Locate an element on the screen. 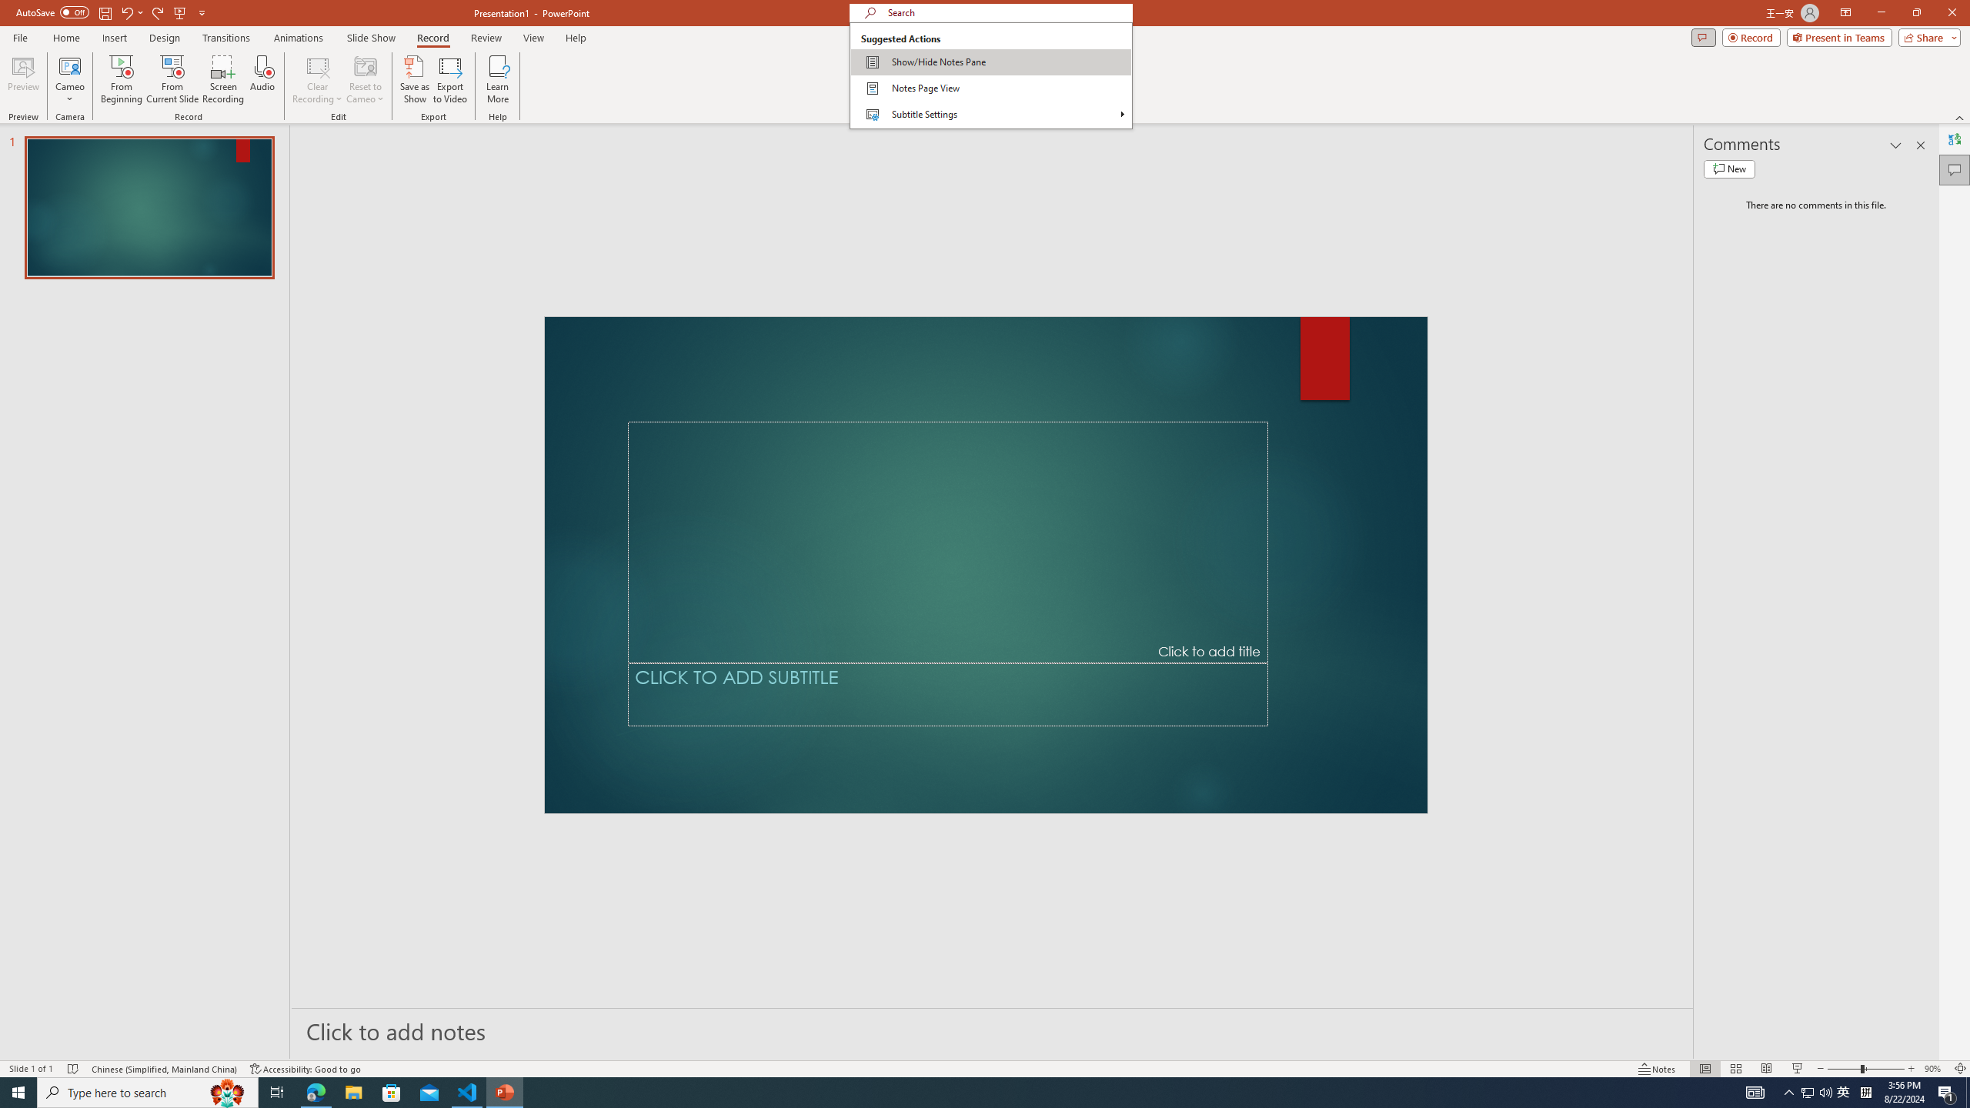 The image size is (1970, 1108). 'Zoom 90%' is located at coordinates (1935, 1069).